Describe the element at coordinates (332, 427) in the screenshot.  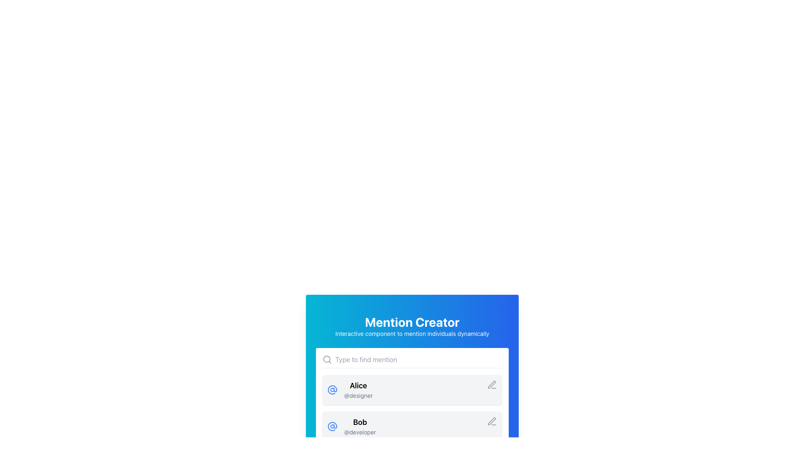
I see `the blue '@' symbol icon representing a mention or email address, located to the left of the text 'Bob@developer'` at that location.